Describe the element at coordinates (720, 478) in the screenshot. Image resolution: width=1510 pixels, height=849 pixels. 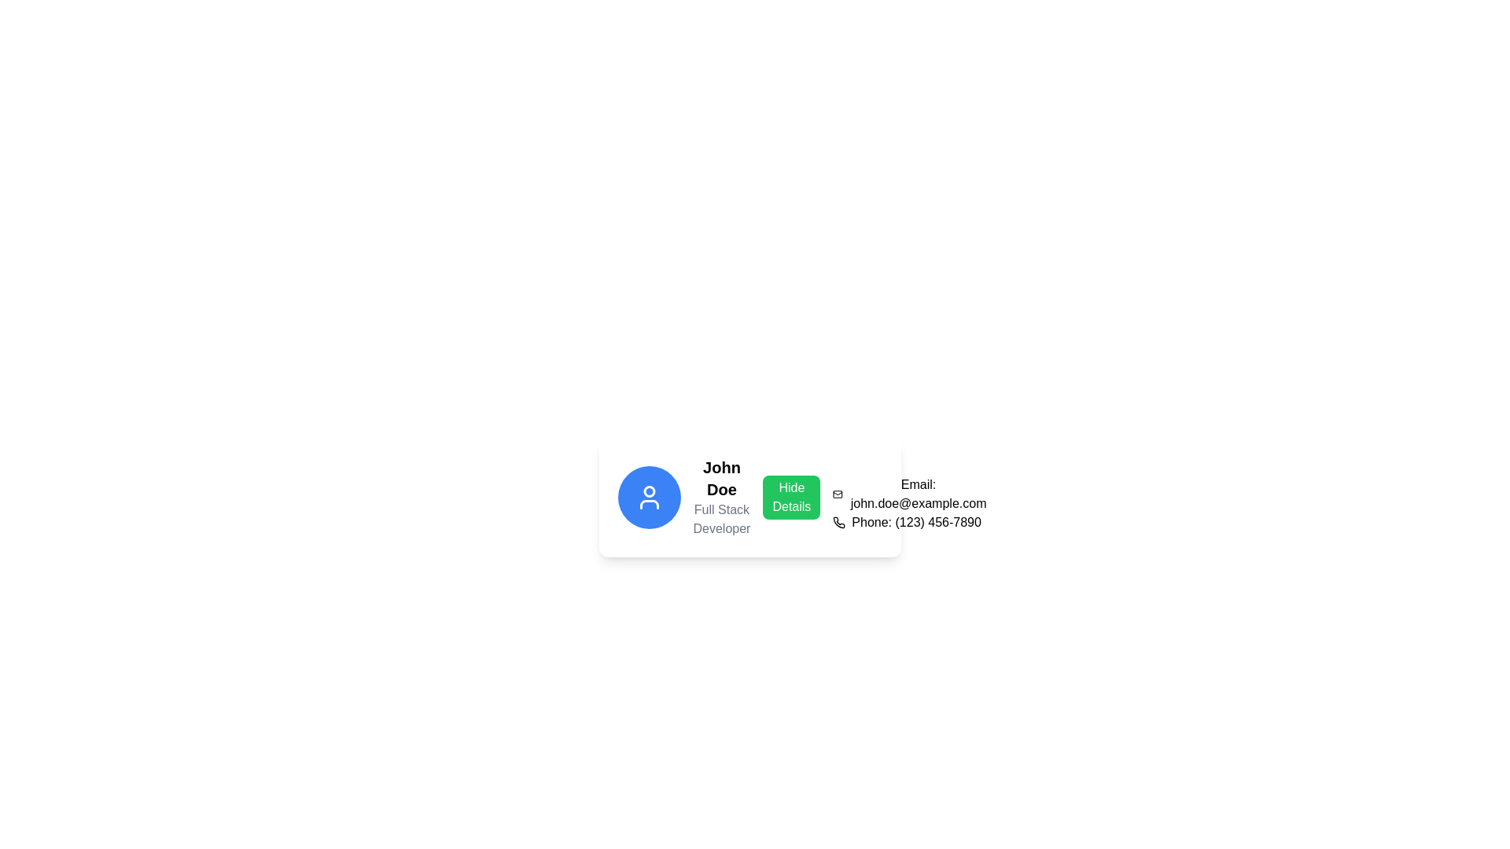
I see `the text label displaying the user's name in the profile card, which is positioned near the center, to the right of the avatar icon and above the 'Hide Details' button` at that location.